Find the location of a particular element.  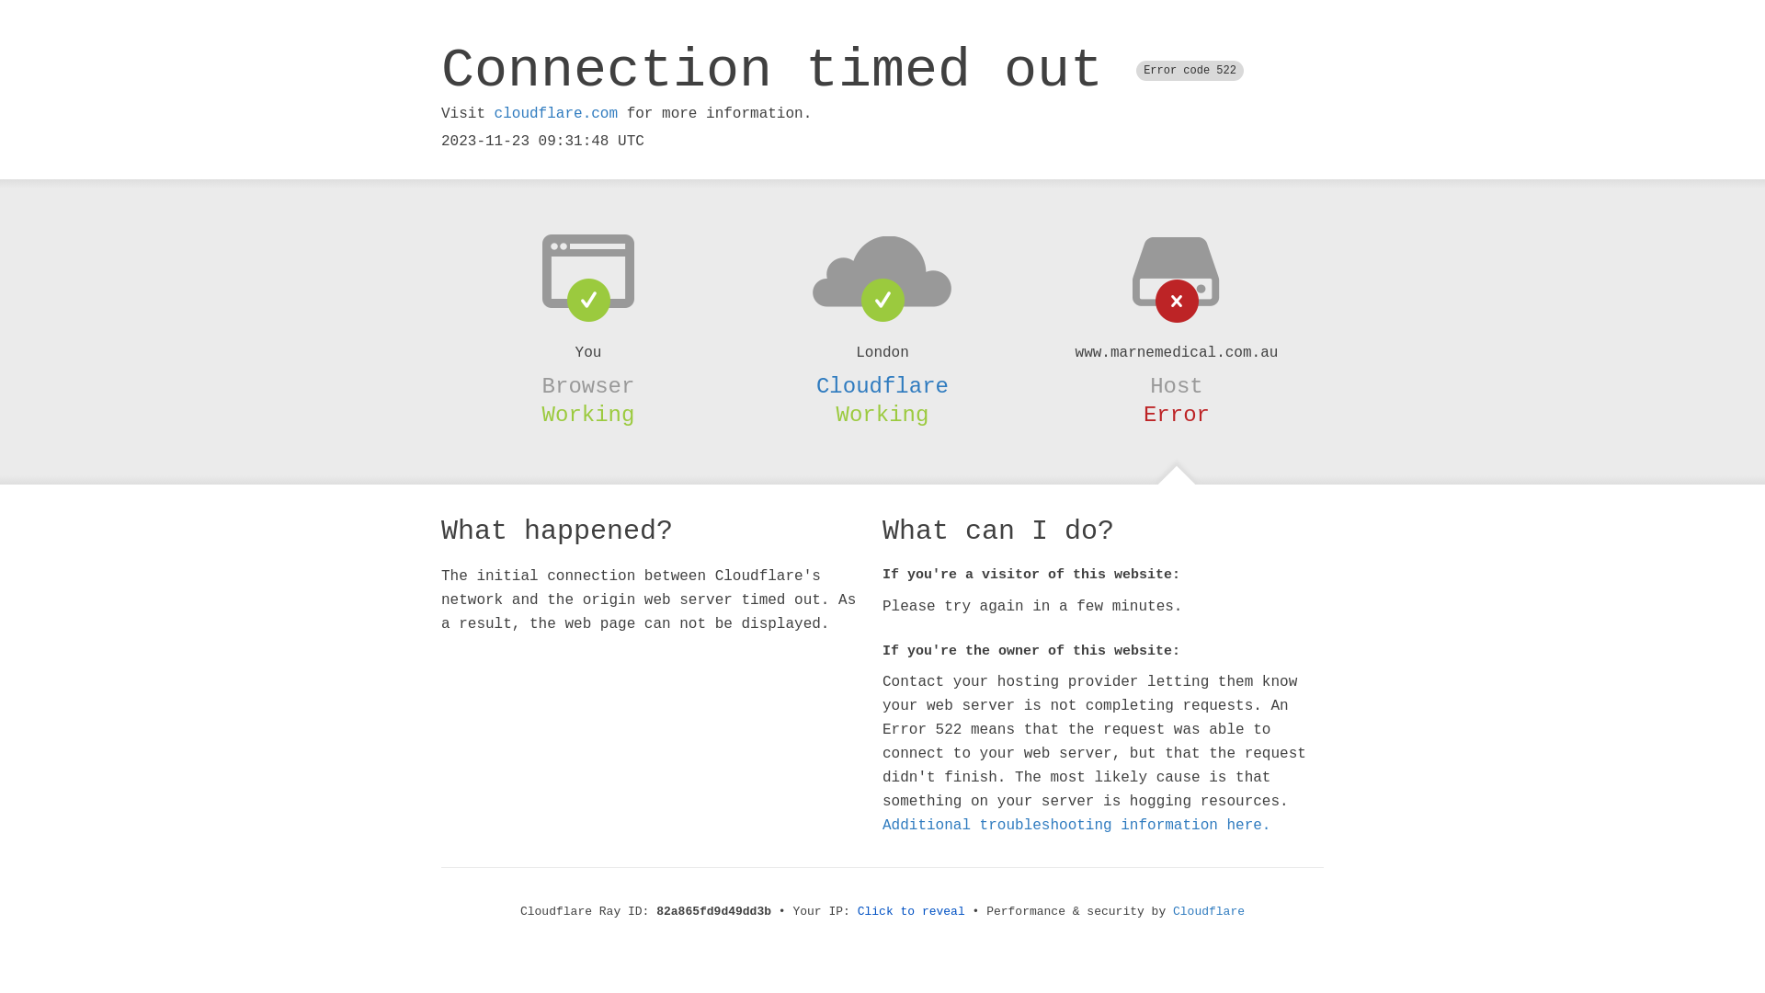

'Cloudflare' is located at coordinates (882, 385).